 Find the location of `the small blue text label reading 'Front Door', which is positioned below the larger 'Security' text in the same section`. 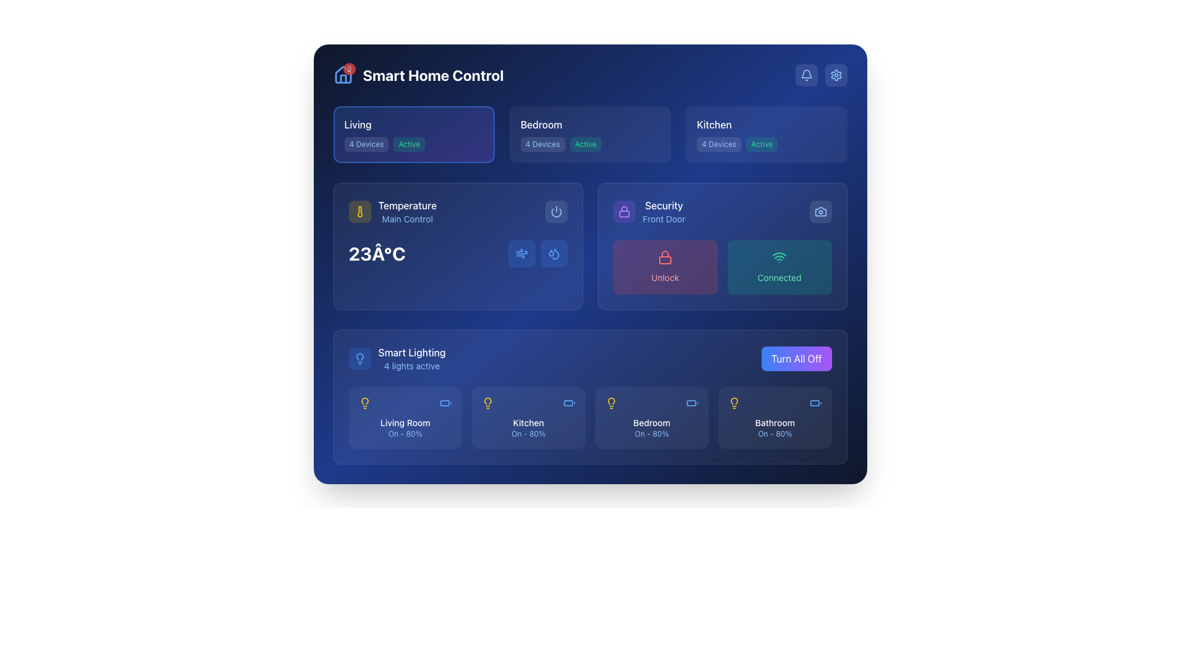

the small blue text label reading 'Front Door', which is positioned below the larger 'Security' text in the same section is located at coordinates (663, 218).